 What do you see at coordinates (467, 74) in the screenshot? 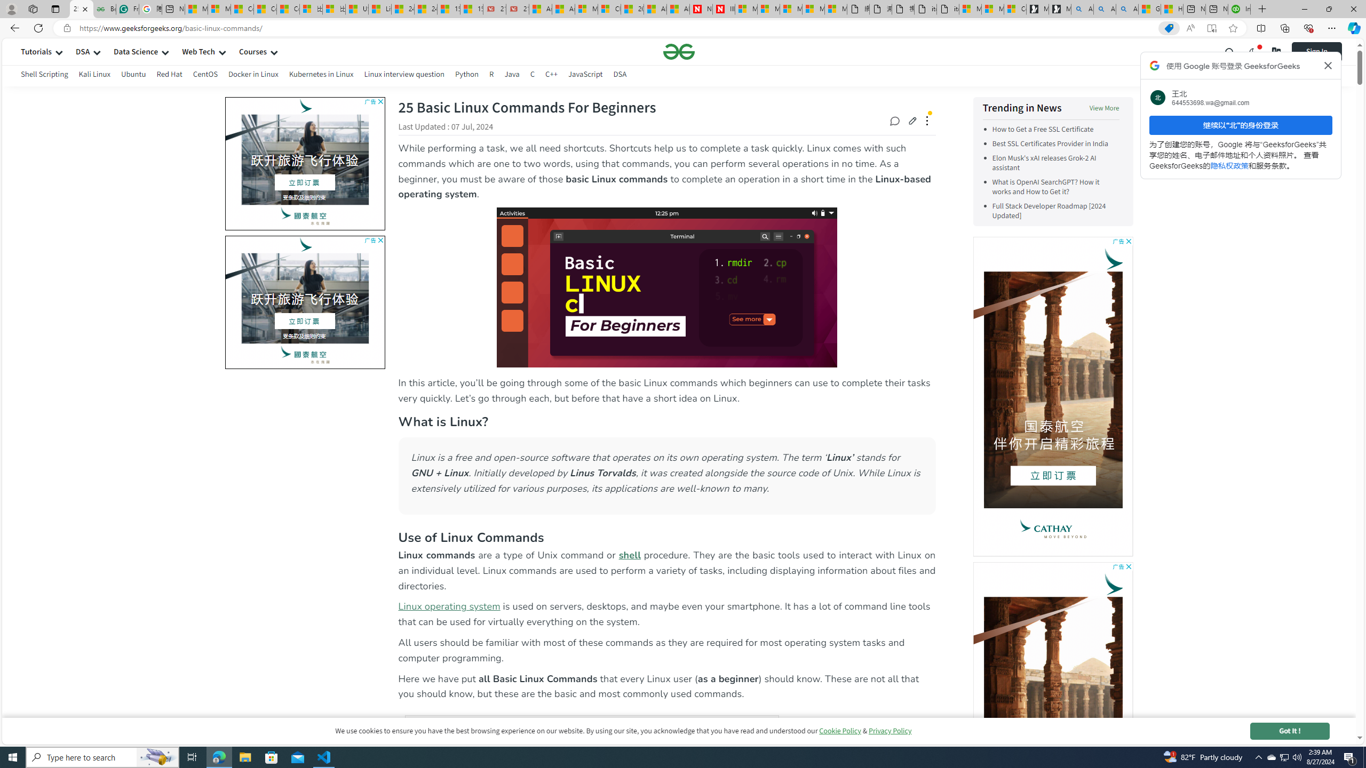
I see `'Python'` at bounding box center [467, 74].